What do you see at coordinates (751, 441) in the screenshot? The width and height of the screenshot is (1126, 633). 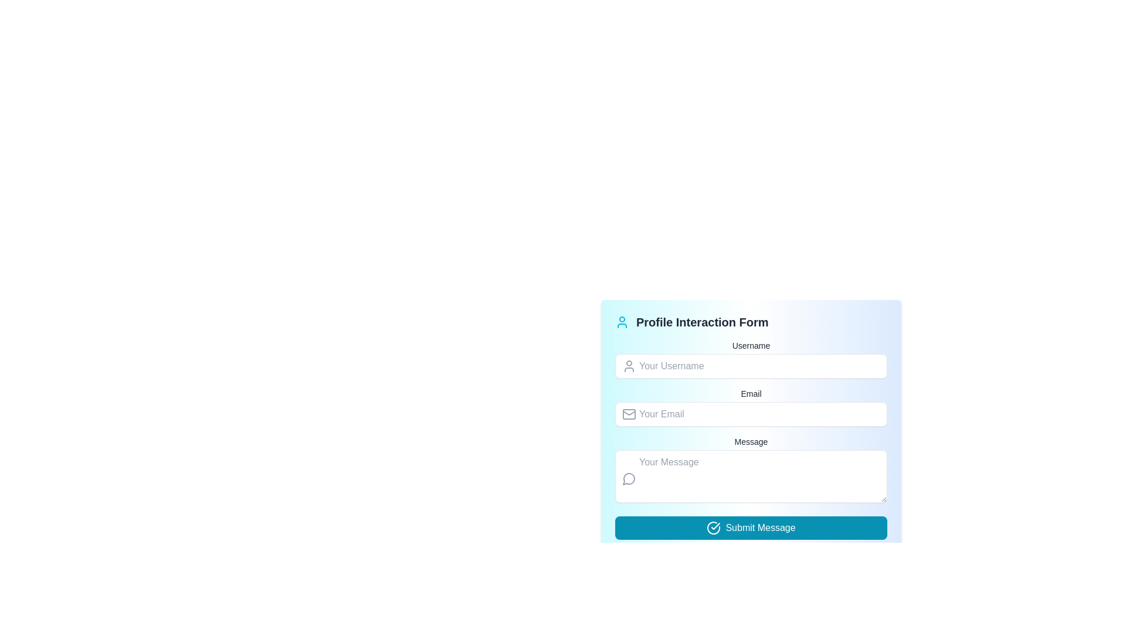 I see `the label element that indicates the input for 'Your Message', positioned directly above the text area` at bounding box center [751, 441].